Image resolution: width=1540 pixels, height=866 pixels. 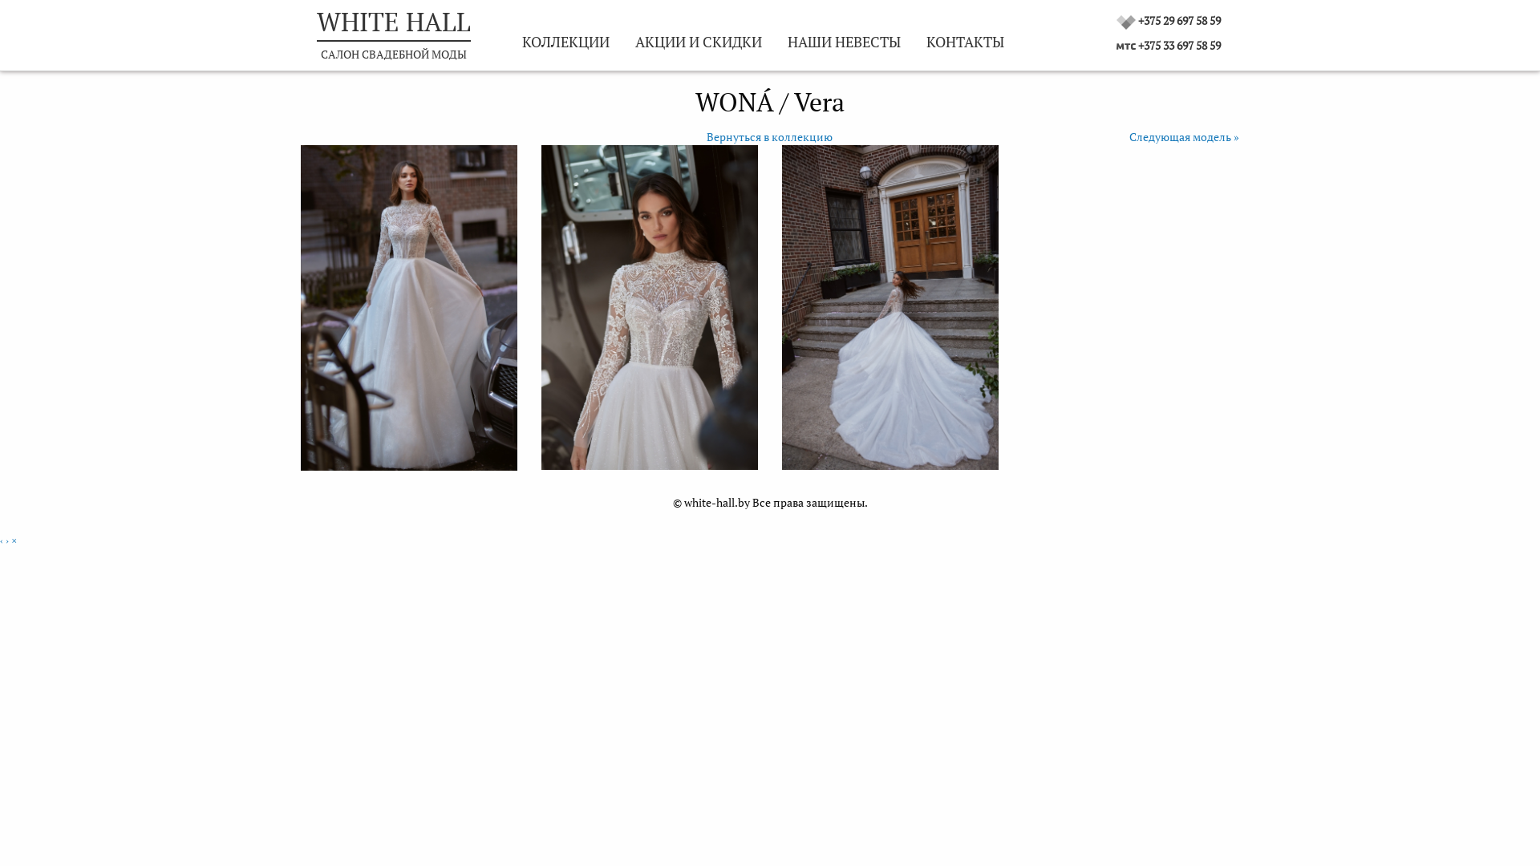 What do you see at coordinates (650, 307) in the screenshot?
I see `'Vera'` at bounding box center [650, 307].